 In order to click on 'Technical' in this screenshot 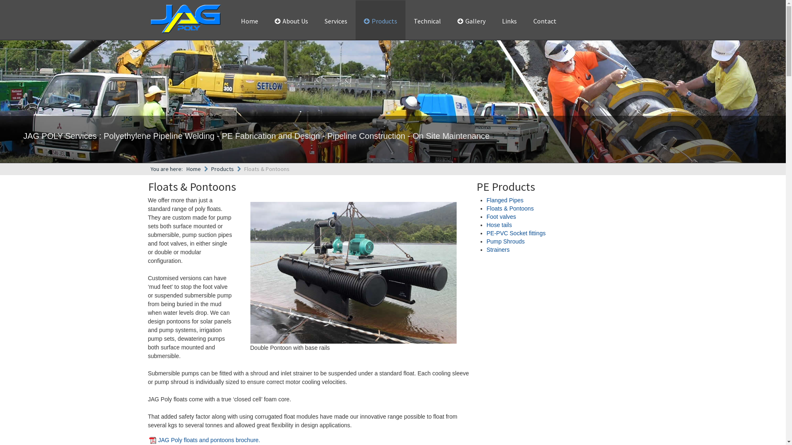, I will do `click(409, 21)`.